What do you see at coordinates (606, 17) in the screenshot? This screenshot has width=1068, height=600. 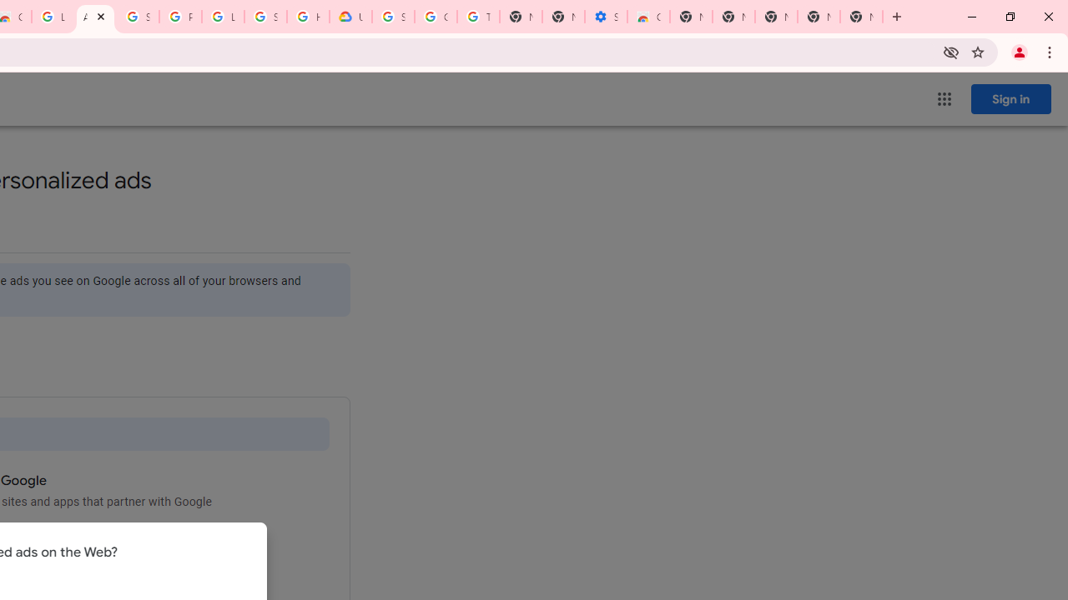 I see `'Settings - Accessibility'` at bounding box center [606, 17].